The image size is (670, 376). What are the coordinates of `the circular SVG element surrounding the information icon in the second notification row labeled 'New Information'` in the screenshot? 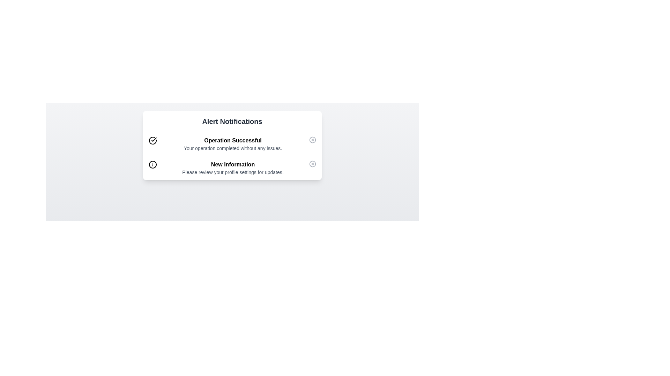 It's located at (152, 165).